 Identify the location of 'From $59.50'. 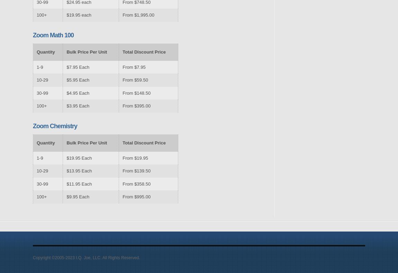
(135, 80).